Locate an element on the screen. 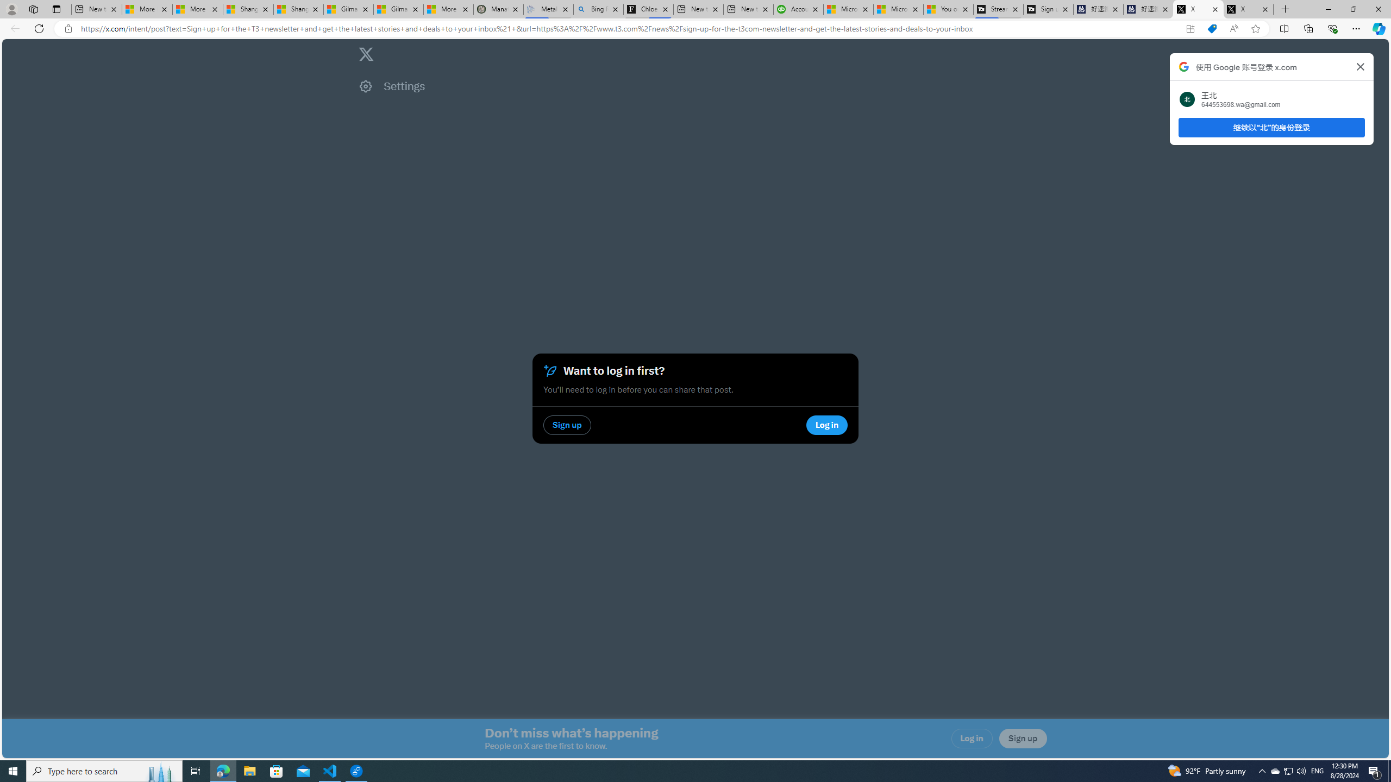 This screenshot has width=1391, height=782. 'App available. Install X' is located at coordinates (1190, 29).